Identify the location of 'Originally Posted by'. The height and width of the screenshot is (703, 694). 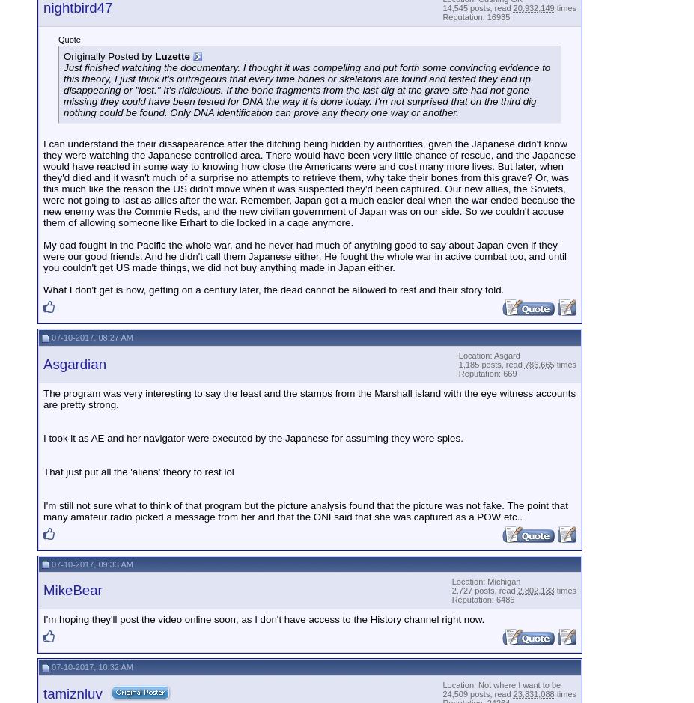
(63, 55).